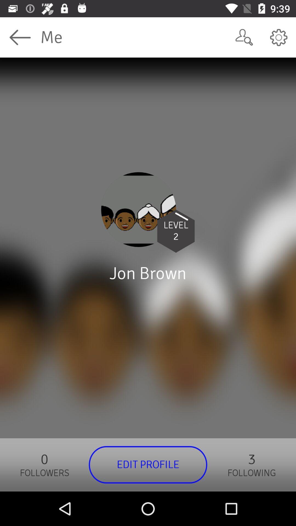 The height and width of the screenshot is (526, 296). I want to click on app next to the 3 item, so click(148, 464).